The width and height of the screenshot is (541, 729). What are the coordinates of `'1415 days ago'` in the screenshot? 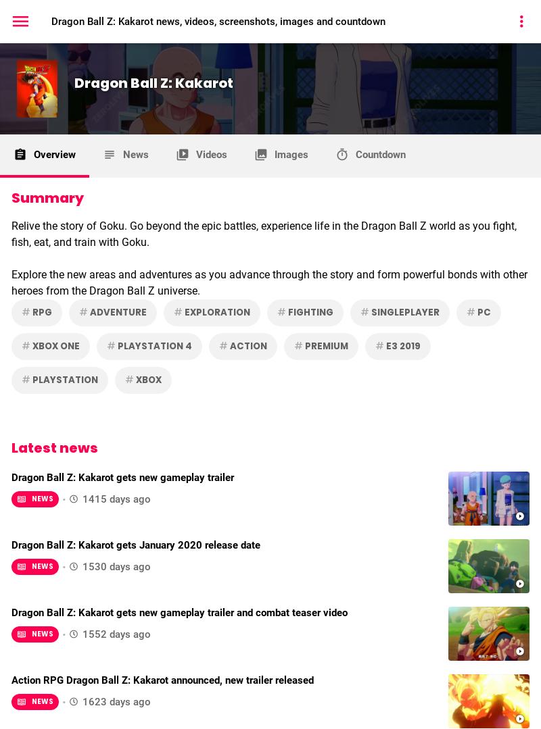 It's located at (116, 499).